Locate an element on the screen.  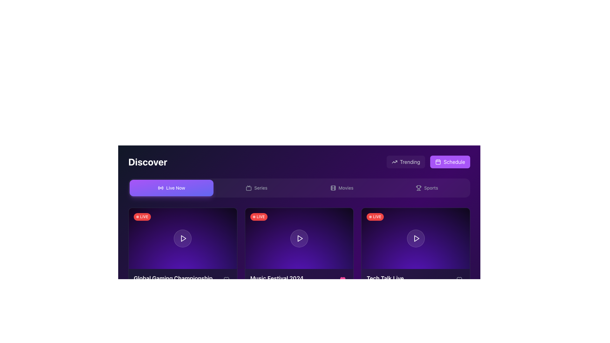
the text displayed on the live broadcasting badge located at the top-left corner of the video thumbnail is located at coordinates (375, 216).